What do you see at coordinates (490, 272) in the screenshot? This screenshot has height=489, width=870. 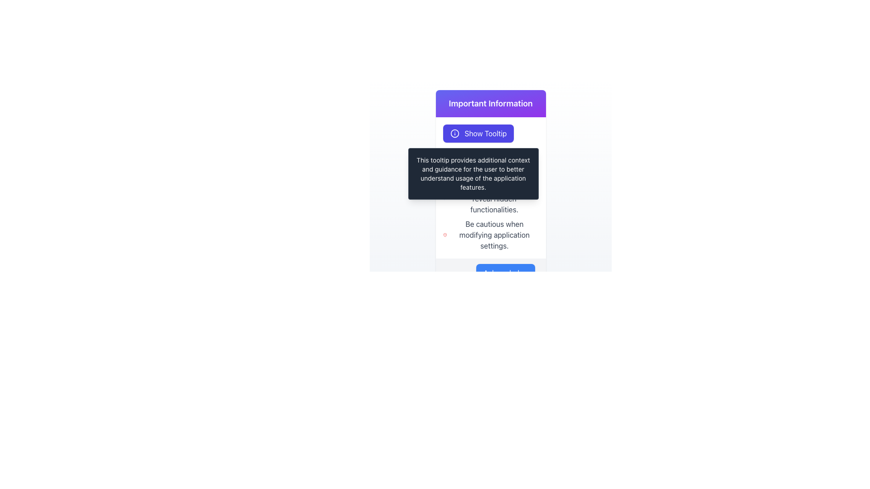 I see `the 'Acknowledge' button, which is a rectangular button with a blue background and white text, located at the bottom of the 'Important Information' section` at bounding box center [490, 272].